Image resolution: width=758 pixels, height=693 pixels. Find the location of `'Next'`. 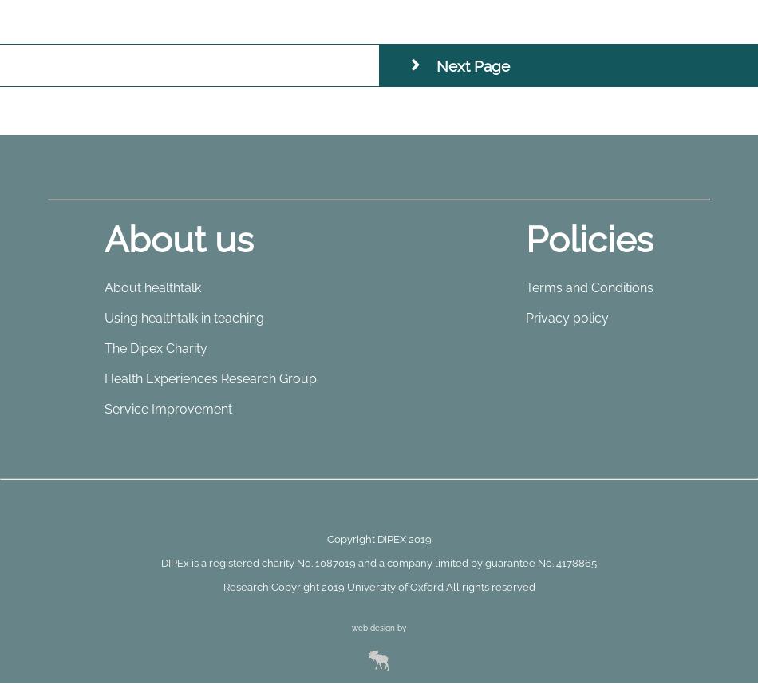

'Next' is located at coordinates (436, 65).